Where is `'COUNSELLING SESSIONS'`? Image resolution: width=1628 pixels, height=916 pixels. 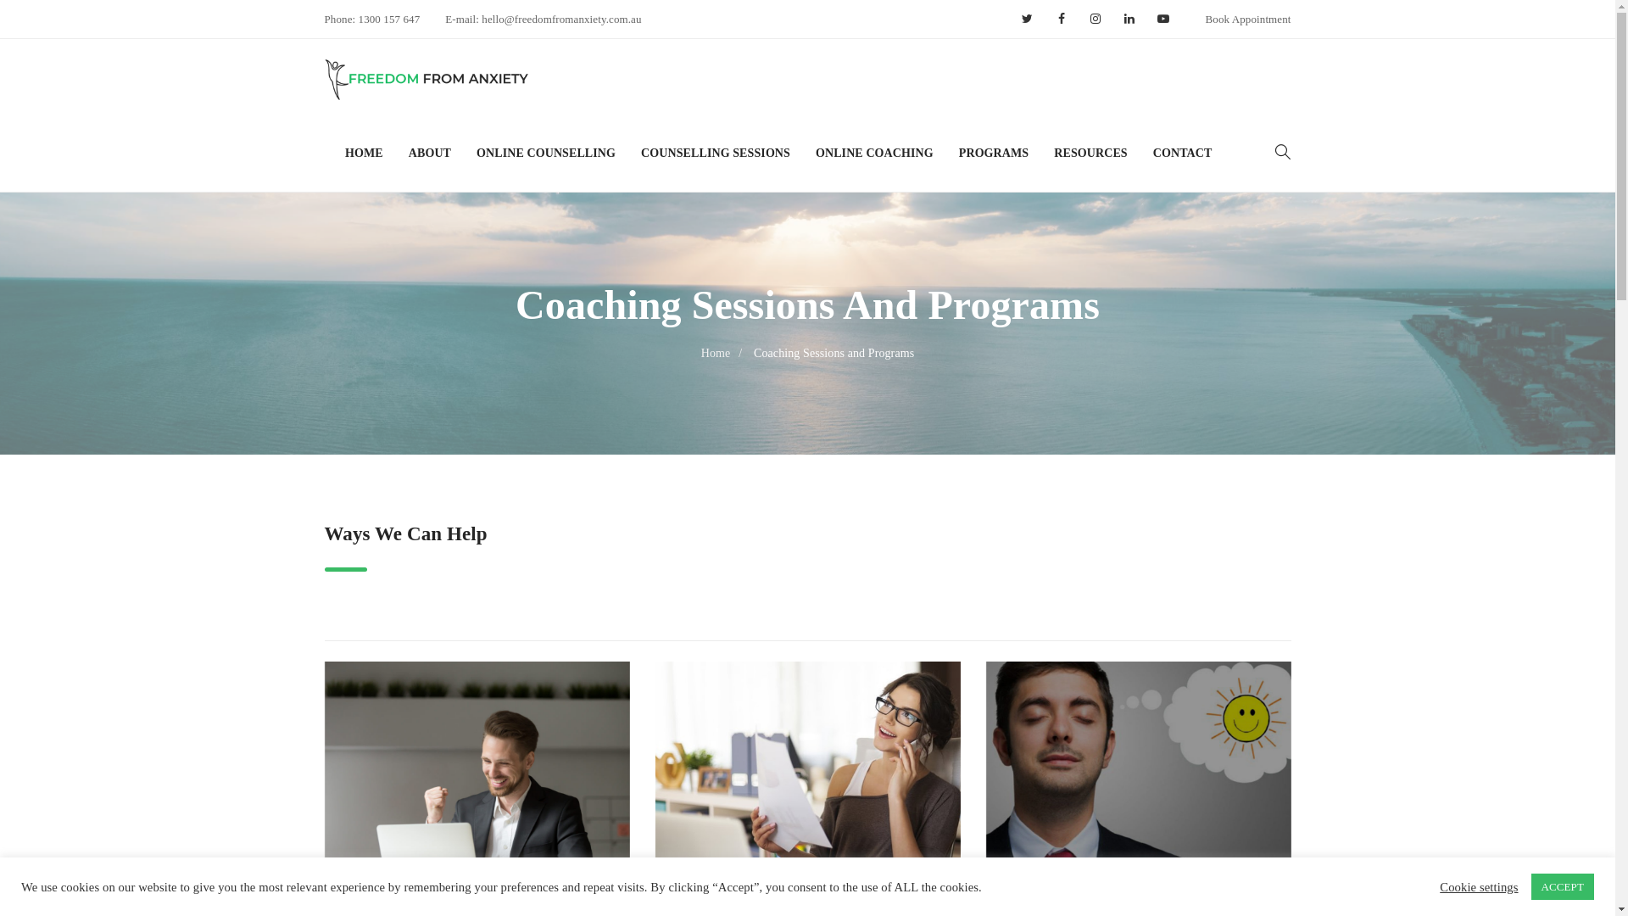 'COUNSELLING SESSIONS' is located at coordinates (716, 154).